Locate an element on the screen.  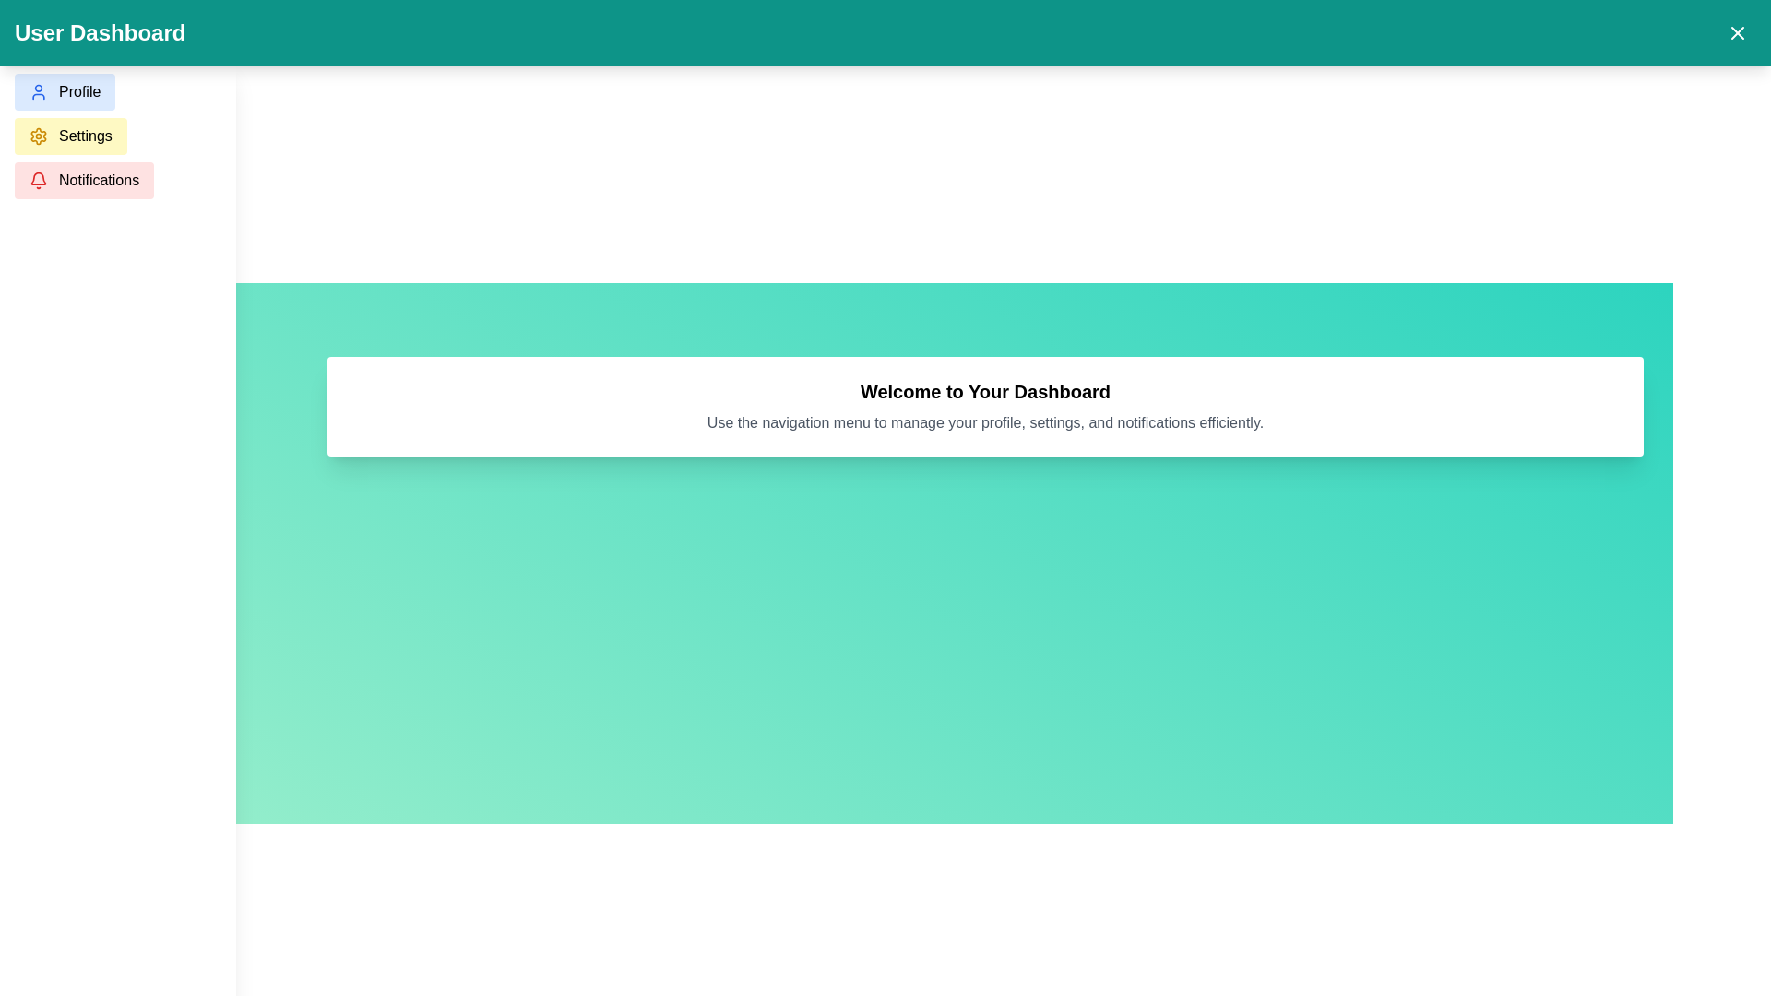
the 'Notifications' button, which is a light red rectangular button with a black label and a red bell icon, located in the sidebar navigation panel as the third button is located at coordinates (83, 181).